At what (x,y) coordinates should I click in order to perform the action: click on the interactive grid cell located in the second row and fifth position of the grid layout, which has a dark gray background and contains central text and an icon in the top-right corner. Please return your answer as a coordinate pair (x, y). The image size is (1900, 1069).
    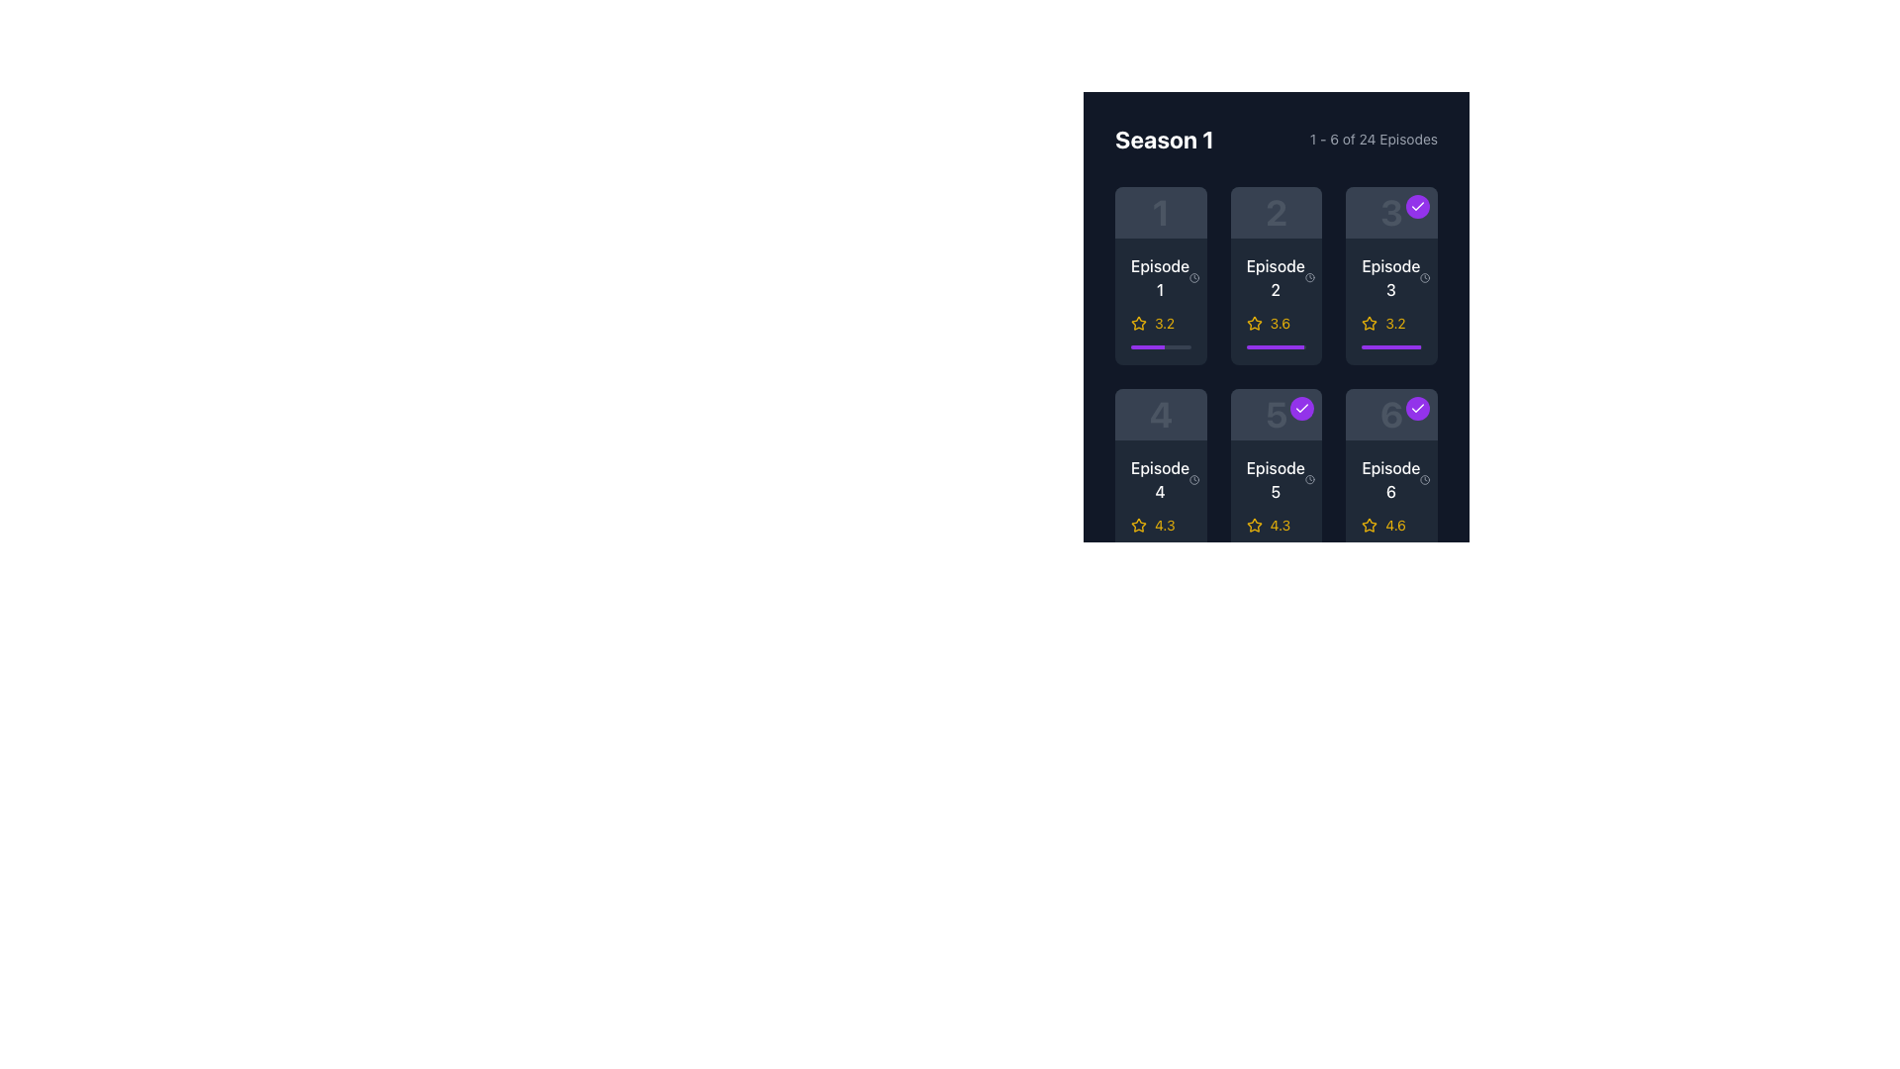
    Looking at the image, I should click on (1277, 377).